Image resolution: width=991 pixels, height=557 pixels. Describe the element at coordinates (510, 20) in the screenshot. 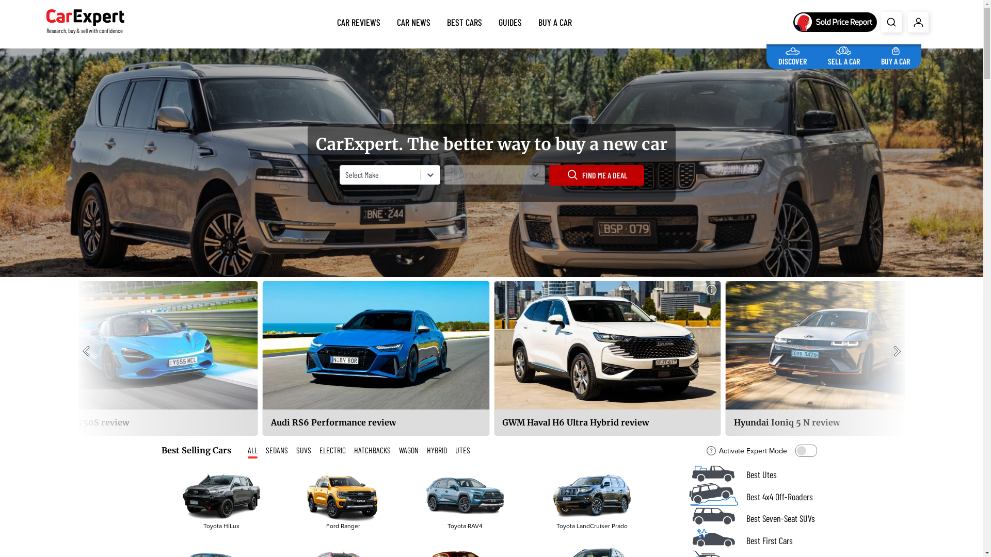

I see `'GUIDES'` at that location.